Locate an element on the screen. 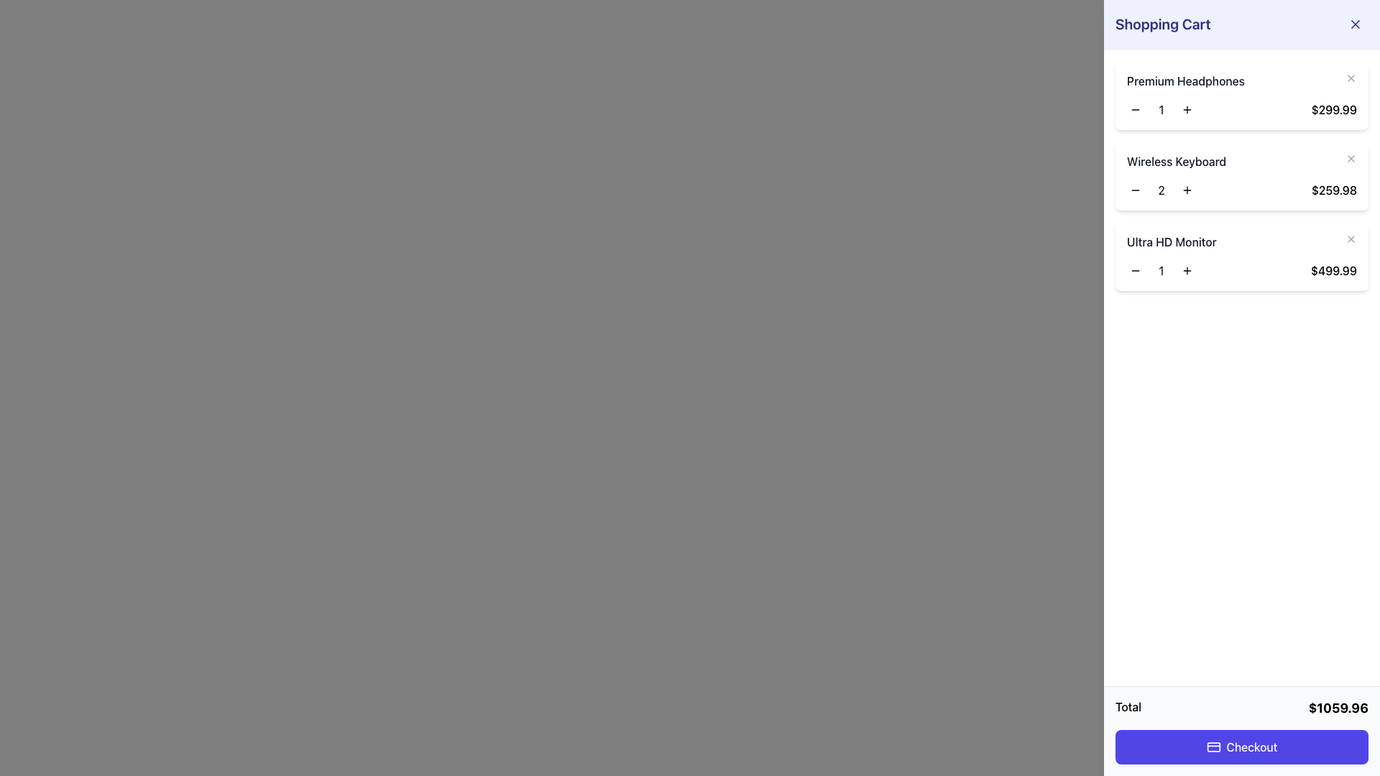  the text label displaying the current quantity of the 'Wireless Keyboard' in the shopping cart, which is centrally located between the decrement and increment buttons is located at coordinates (1161, 190).